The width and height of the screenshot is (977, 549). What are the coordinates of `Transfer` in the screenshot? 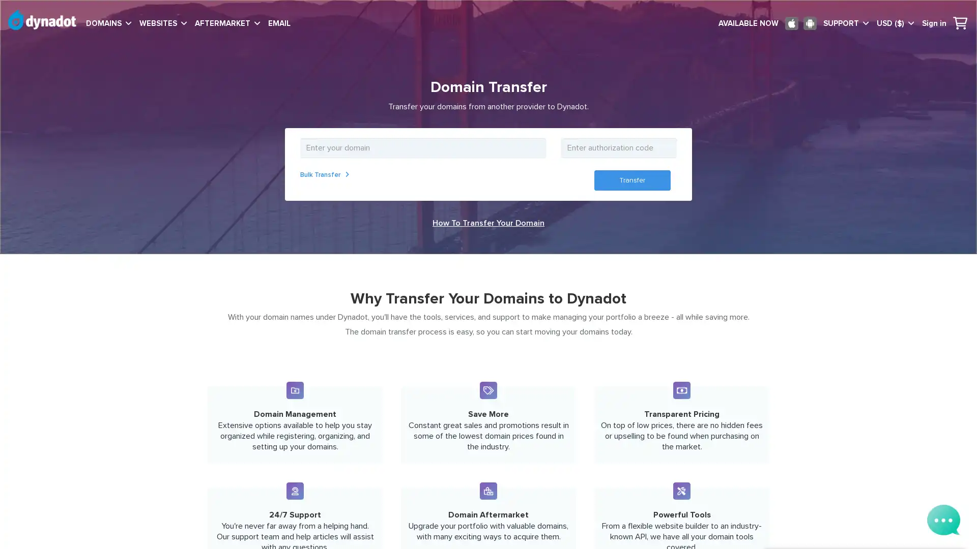 It's located at (631, 179).